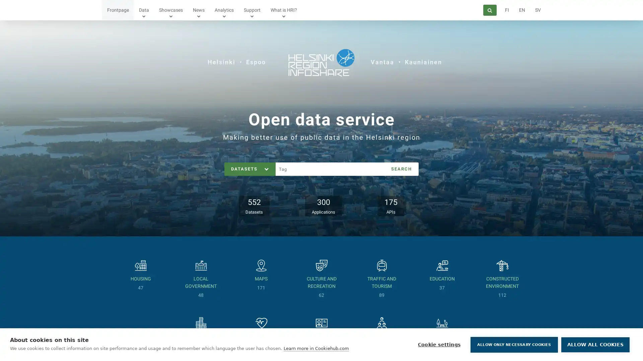 The width and height of the screenshot is (643, 361). I want to click on ALLOW ALL COOKIES, so click(595, 344).